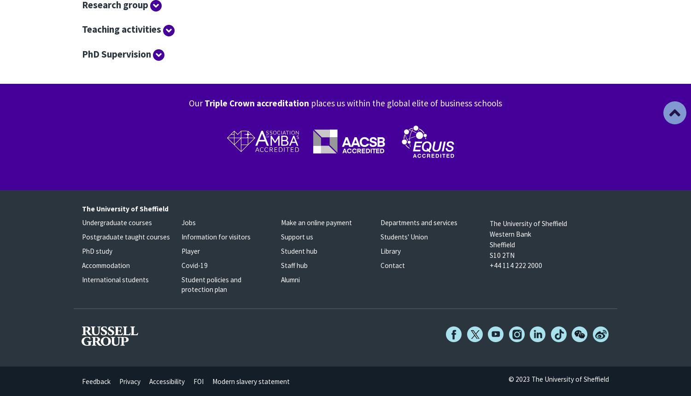 The image size is (691, 396). Describe the element at coordinates (257, 102) in the screenshot. I see `'Triple Crown accreditation'` at that location.